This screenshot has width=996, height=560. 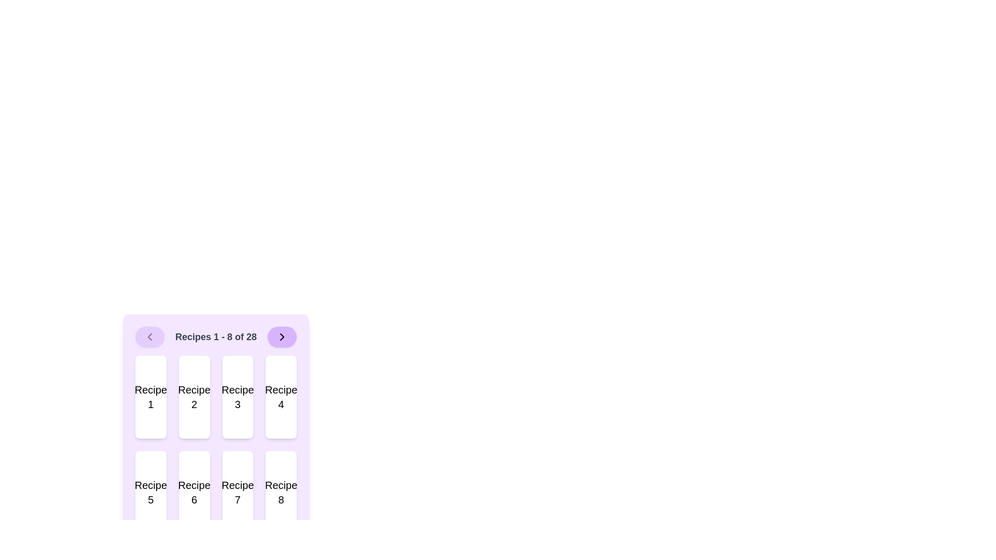 What do you see at coordinates (237, 492) in the screenshot?
I see `the non-interactive text label that identifies 'Recipe 7', located in the second row and third column of the grid layout` at bounding box center [237, 492].